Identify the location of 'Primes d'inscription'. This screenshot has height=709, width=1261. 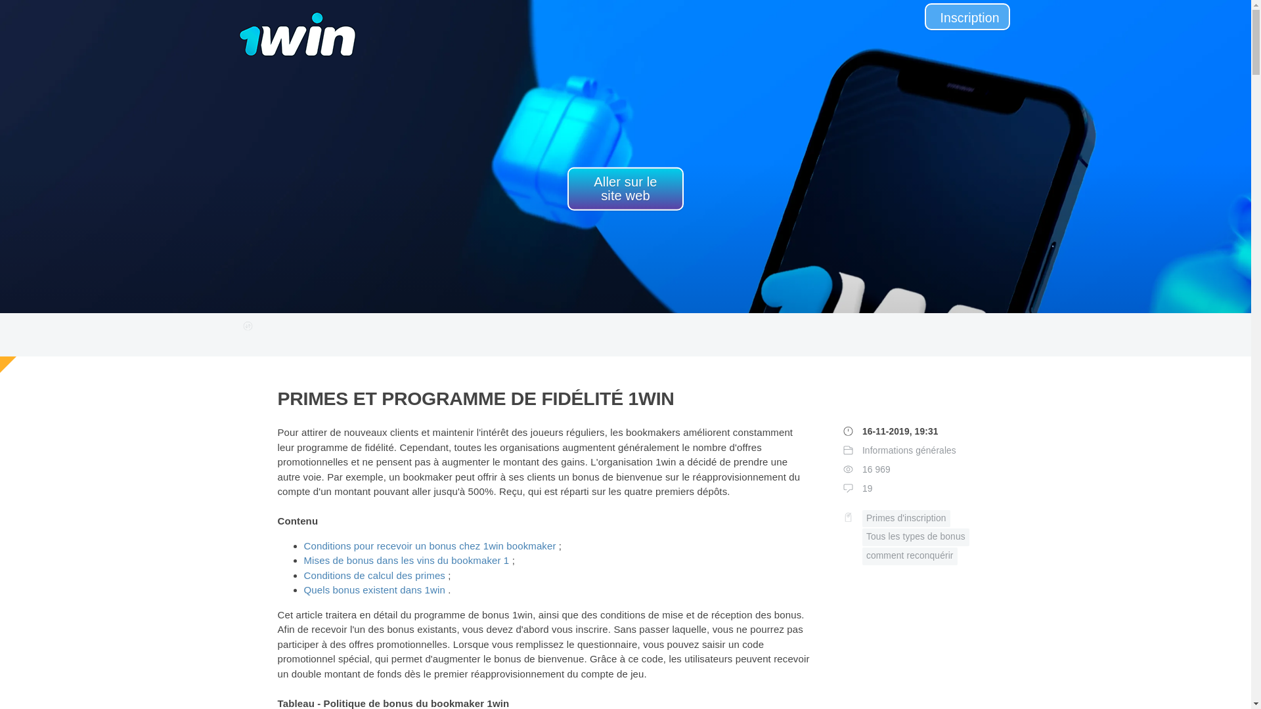
(906, 518).